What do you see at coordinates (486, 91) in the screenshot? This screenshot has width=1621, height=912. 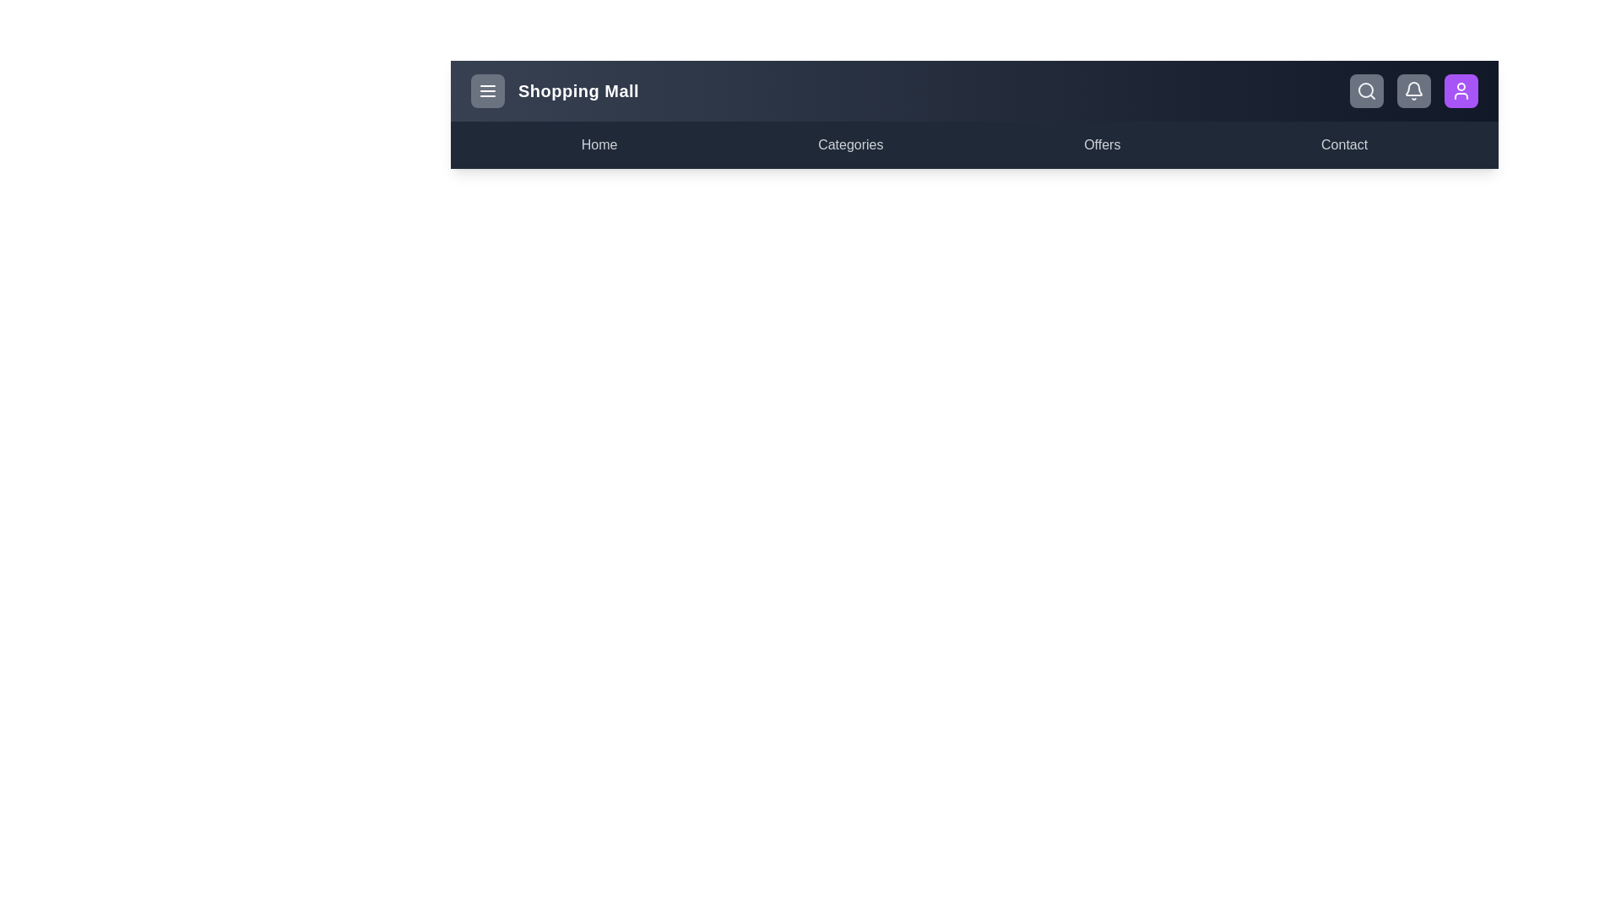 I see `the menu toggle button to toggle the menu visibility` at bounding box center [486, 91].